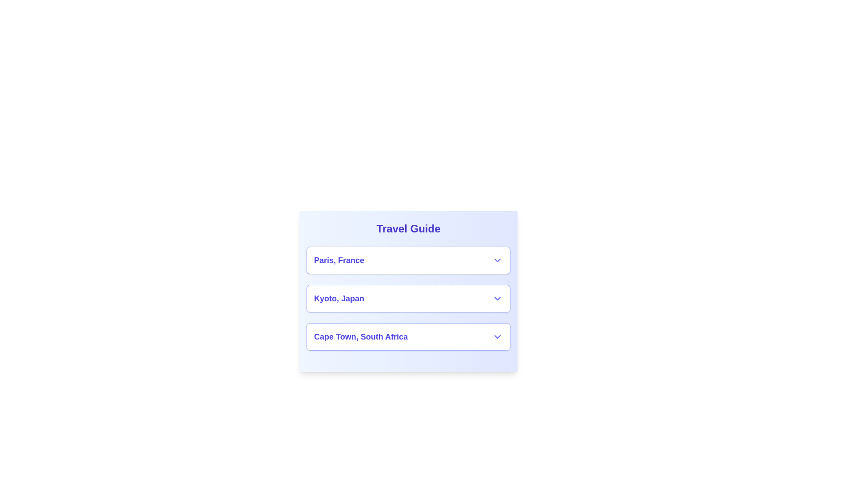 The image size is (853, 480). What do you see at coordinates (408, 291) in the screenshot?
I see `the second travel destination button within the 'Travel Guide' section, which is styled with a gradient background and contains interactive elements` at bounding box center [408, 291].